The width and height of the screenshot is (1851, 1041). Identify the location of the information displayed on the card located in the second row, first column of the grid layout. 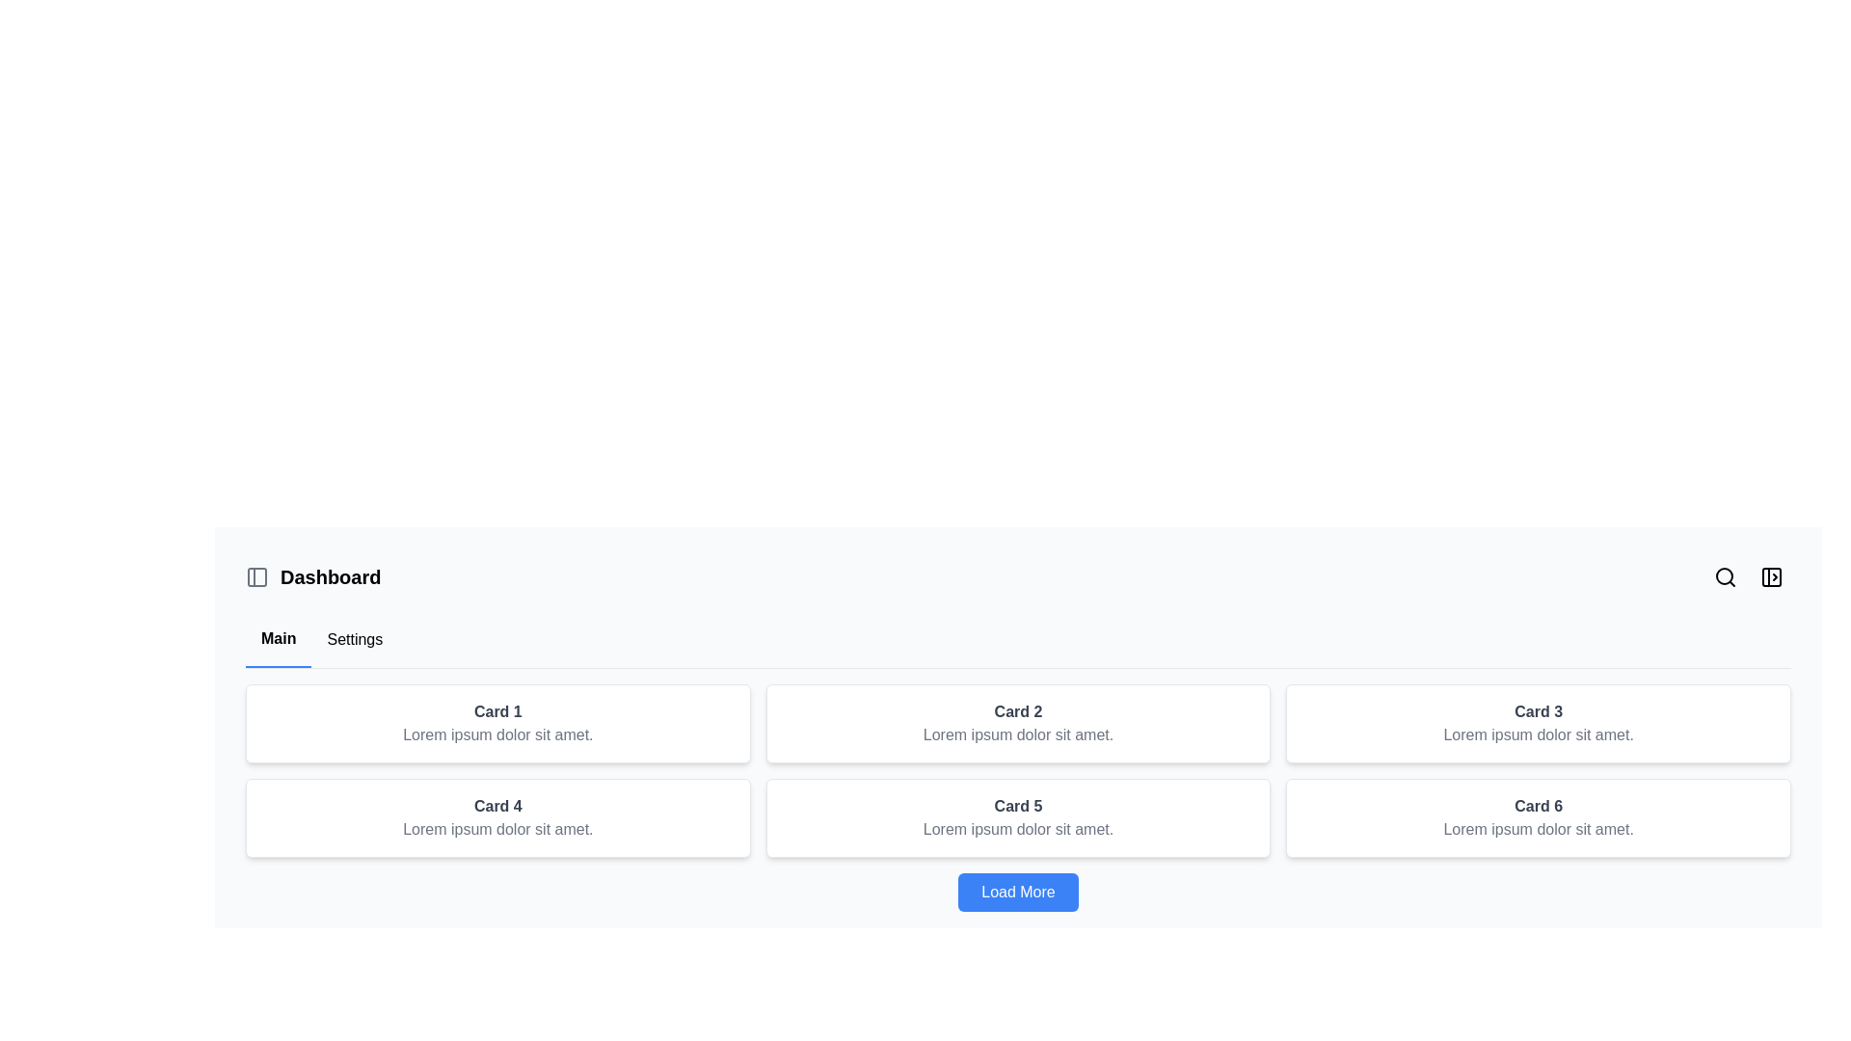
(497, 817).